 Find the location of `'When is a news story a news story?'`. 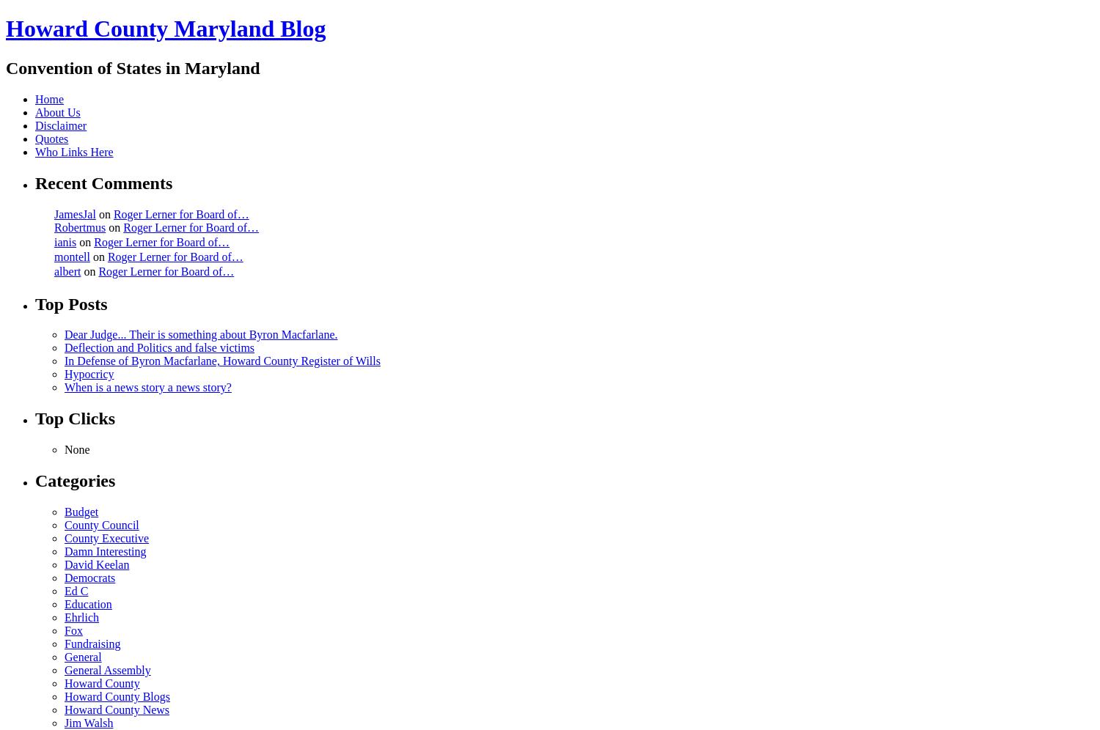

'When is a news story a news story?' is located at coordinates (147, 387).